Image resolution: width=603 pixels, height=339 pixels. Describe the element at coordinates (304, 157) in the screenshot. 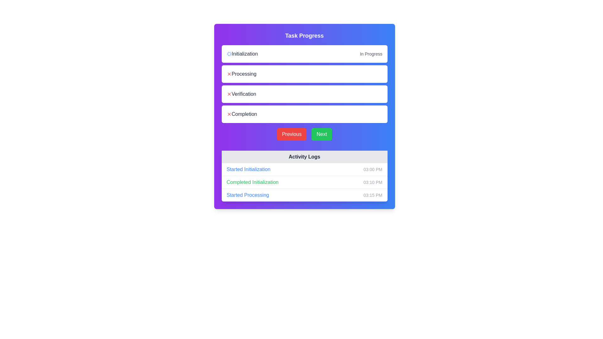

I see `the 'Activity Logs' text label, which is a bold black text on a light gray background, located at the top of the activity logs panel` at that location.